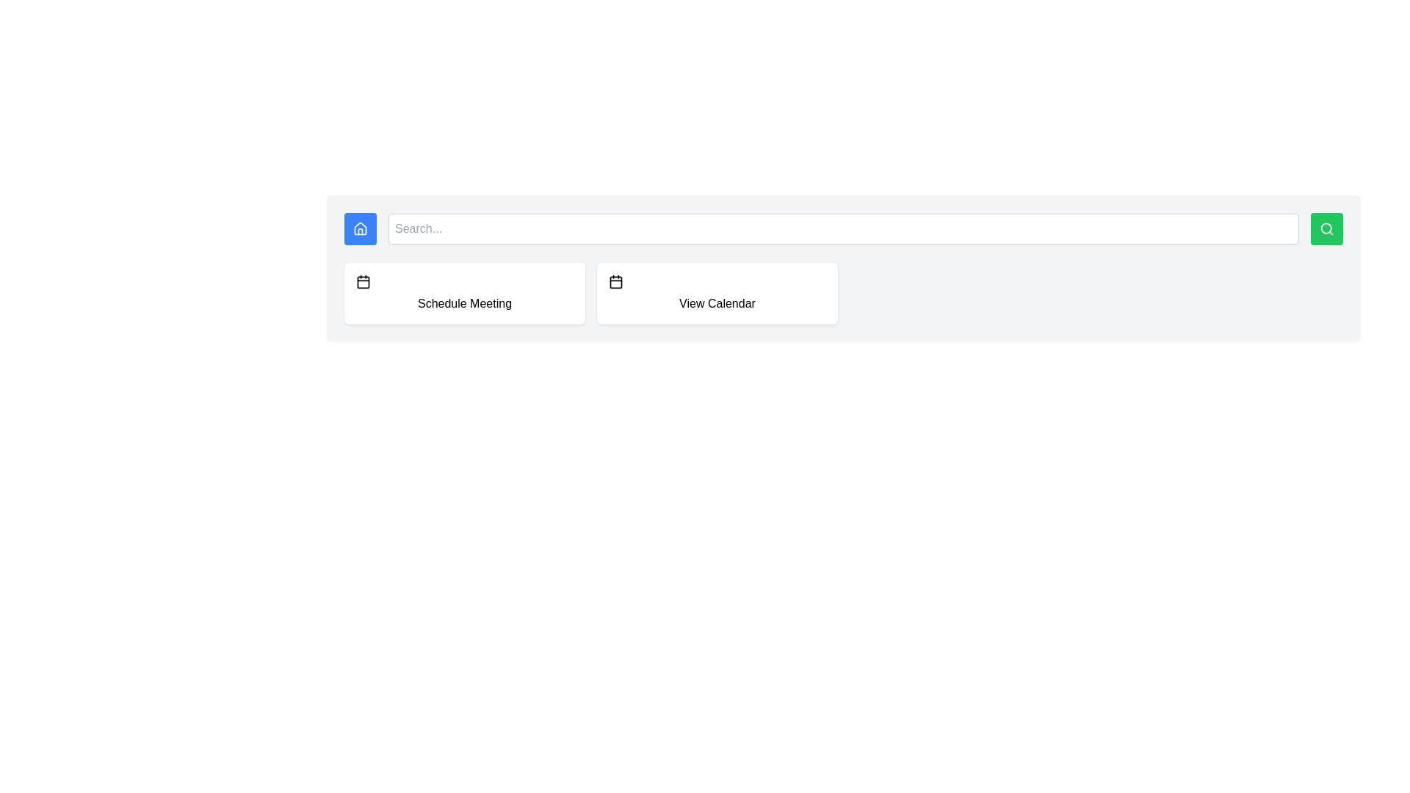 Image resolution: width=1410 pixels, height=793 pixels. What do you see at coordinates (717, 294) in the screenshot?
I see `the calendar access button located in the second column of the grid layout, adjacent to the 'Schedule Meeting' button` at bounding box center [717, 294].